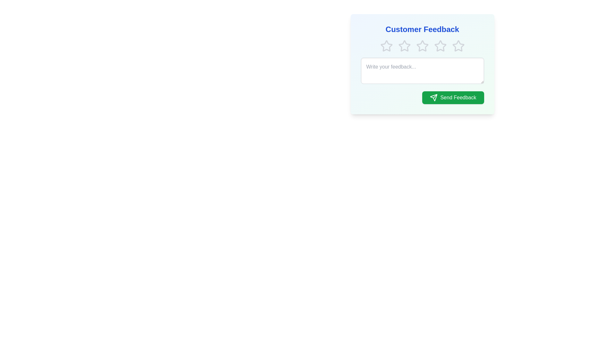 The image size is (616, 346). Describe the element at coordinates (422, 70) in the screenshot. I see `the feedback text area and type the comment 'Great service!'` at that location.